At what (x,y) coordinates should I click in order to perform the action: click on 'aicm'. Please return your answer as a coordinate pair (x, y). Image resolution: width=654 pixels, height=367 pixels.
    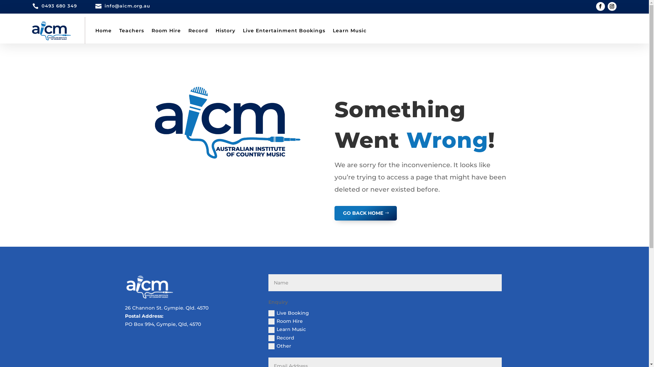
    Looking at the image, I should click on (149, 286).